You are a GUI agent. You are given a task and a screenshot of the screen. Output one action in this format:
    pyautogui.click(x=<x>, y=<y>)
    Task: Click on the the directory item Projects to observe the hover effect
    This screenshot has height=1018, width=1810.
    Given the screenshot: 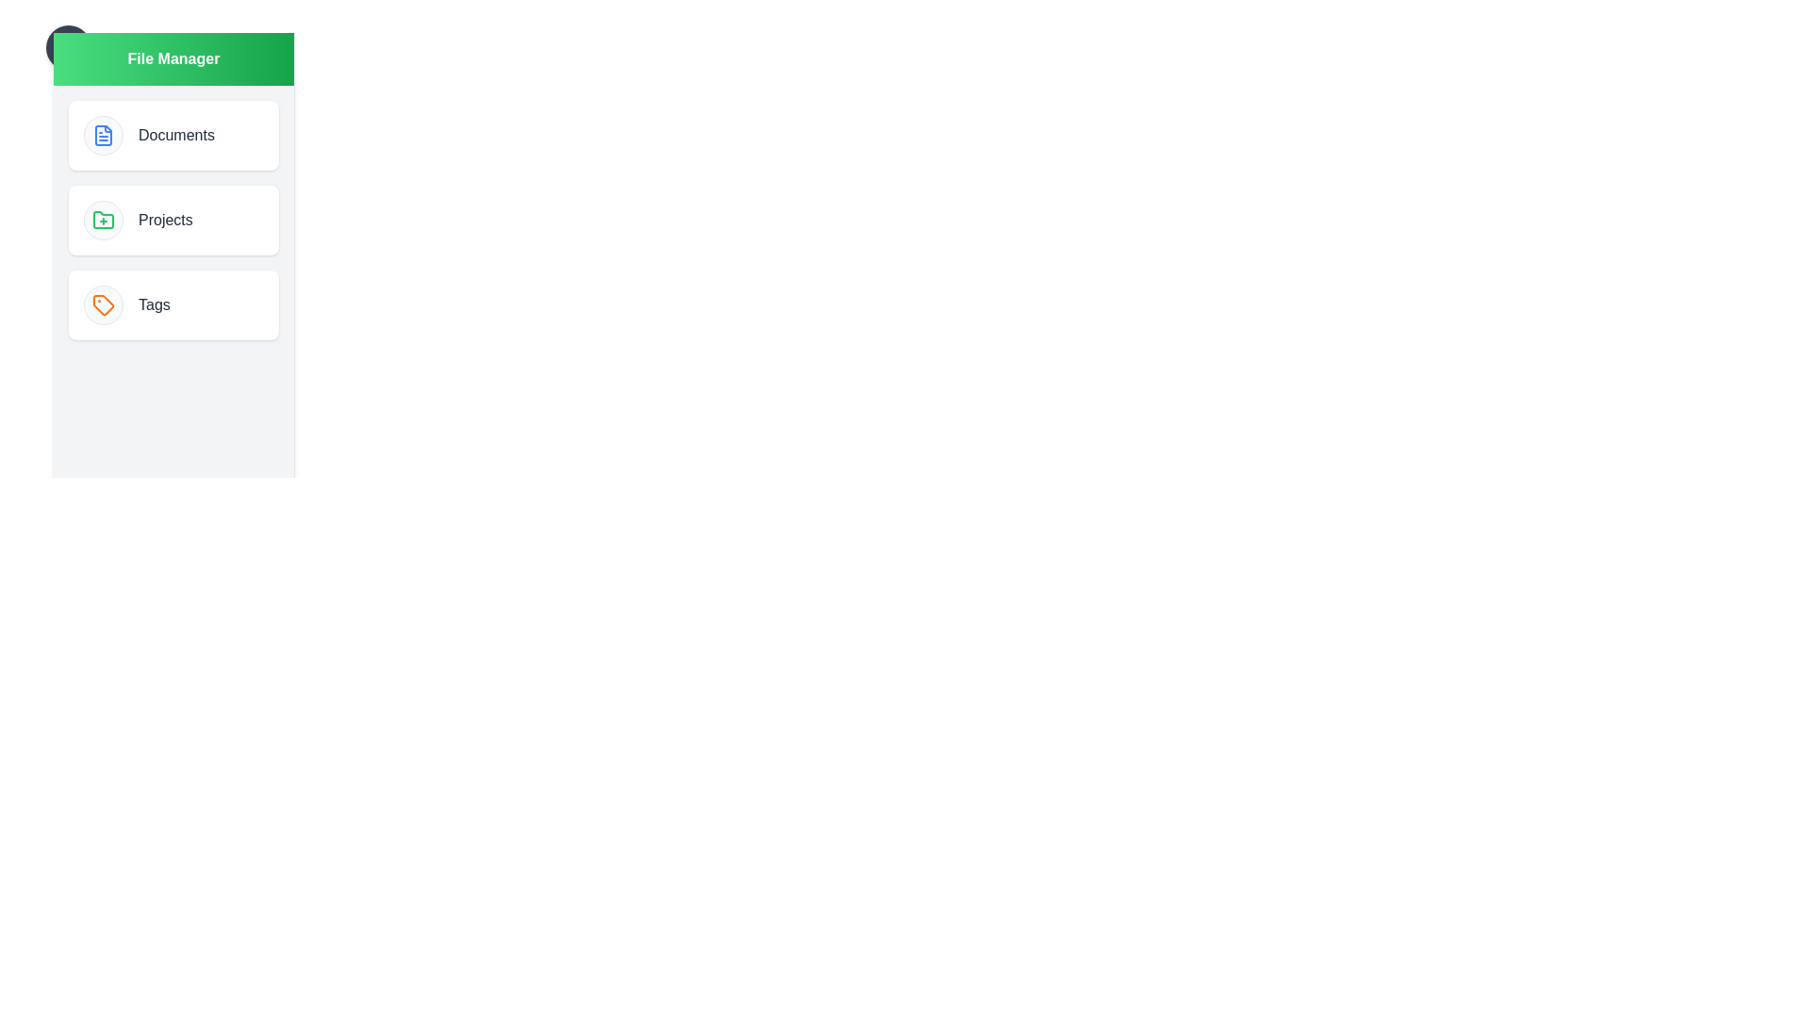 What is the action you would take?
    pyautogui.click(x=173, y=220)
    